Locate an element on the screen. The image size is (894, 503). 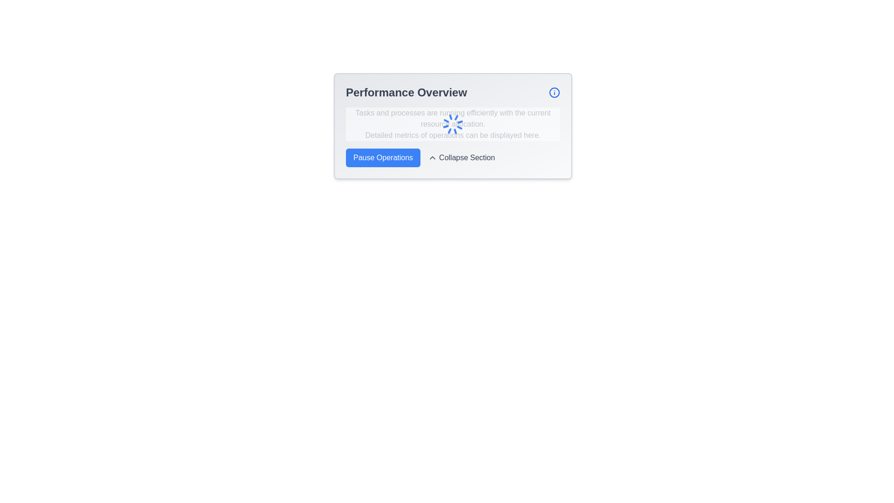
the information icon located in the top-right corner of the 'Performance Overview' section, which provides additional context or help is located at coordinates (554, 93).